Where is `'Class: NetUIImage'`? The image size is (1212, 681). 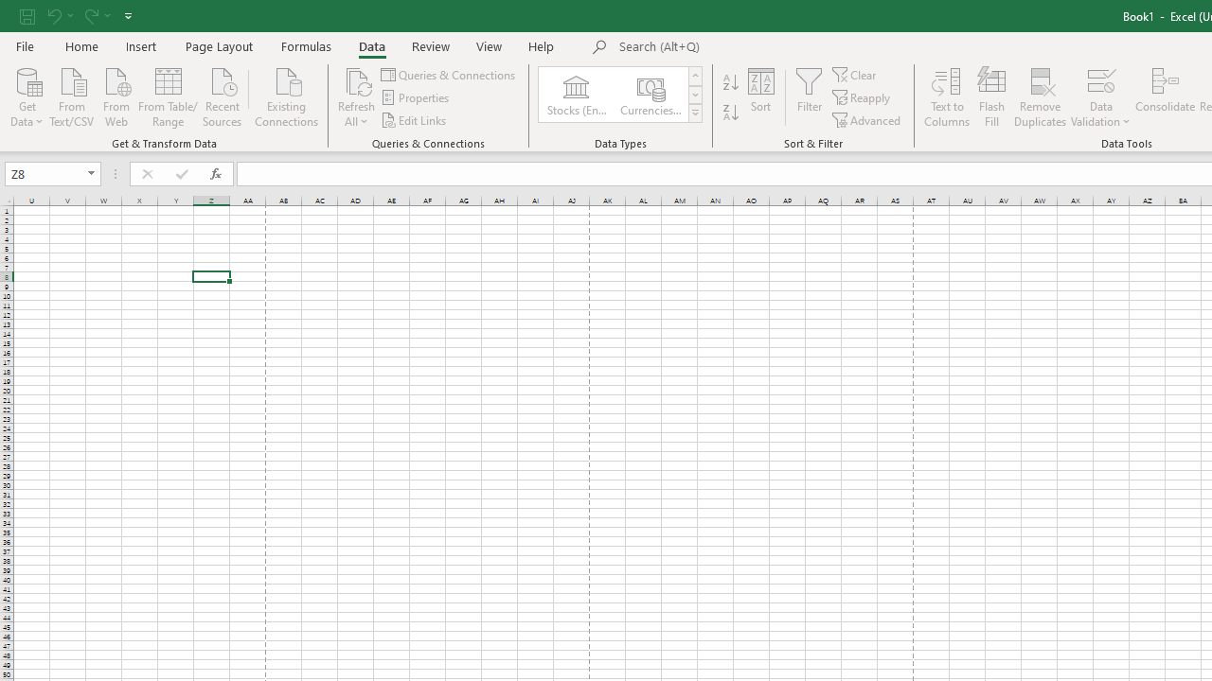
'Class: NetUIImage' is located at coordinates (694, 113).